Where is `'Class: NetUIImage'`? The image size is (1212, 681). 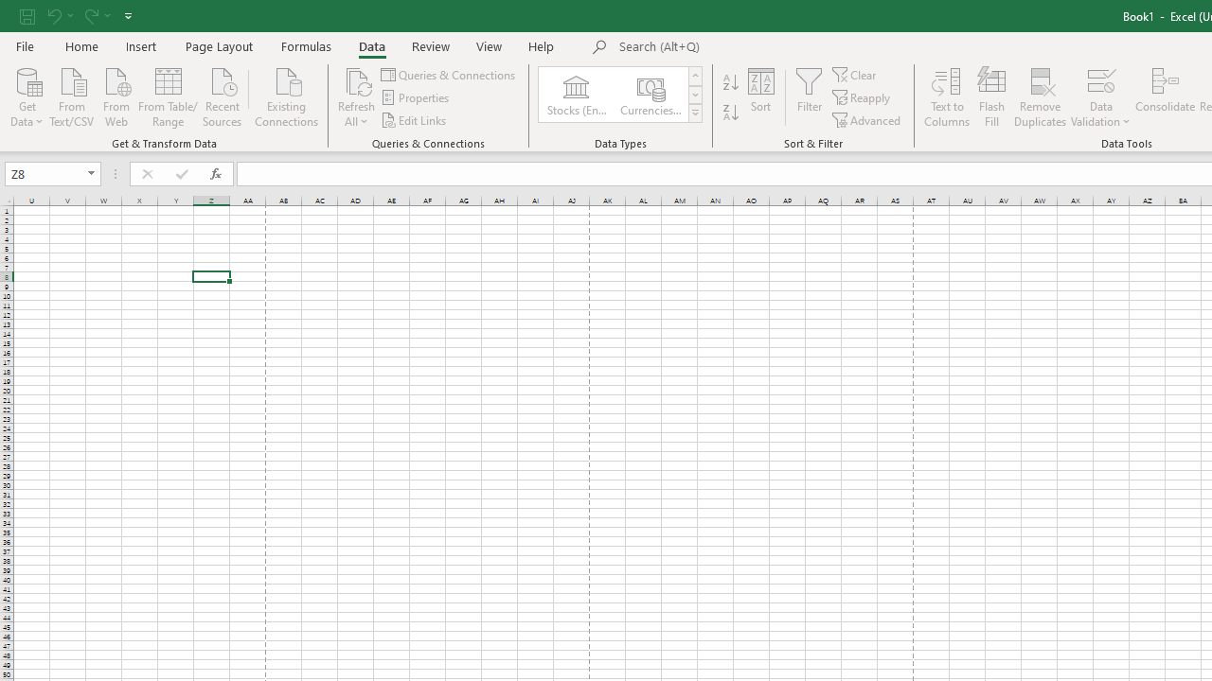
'Class: NetUIImage' is located at coordinates (694, 113).